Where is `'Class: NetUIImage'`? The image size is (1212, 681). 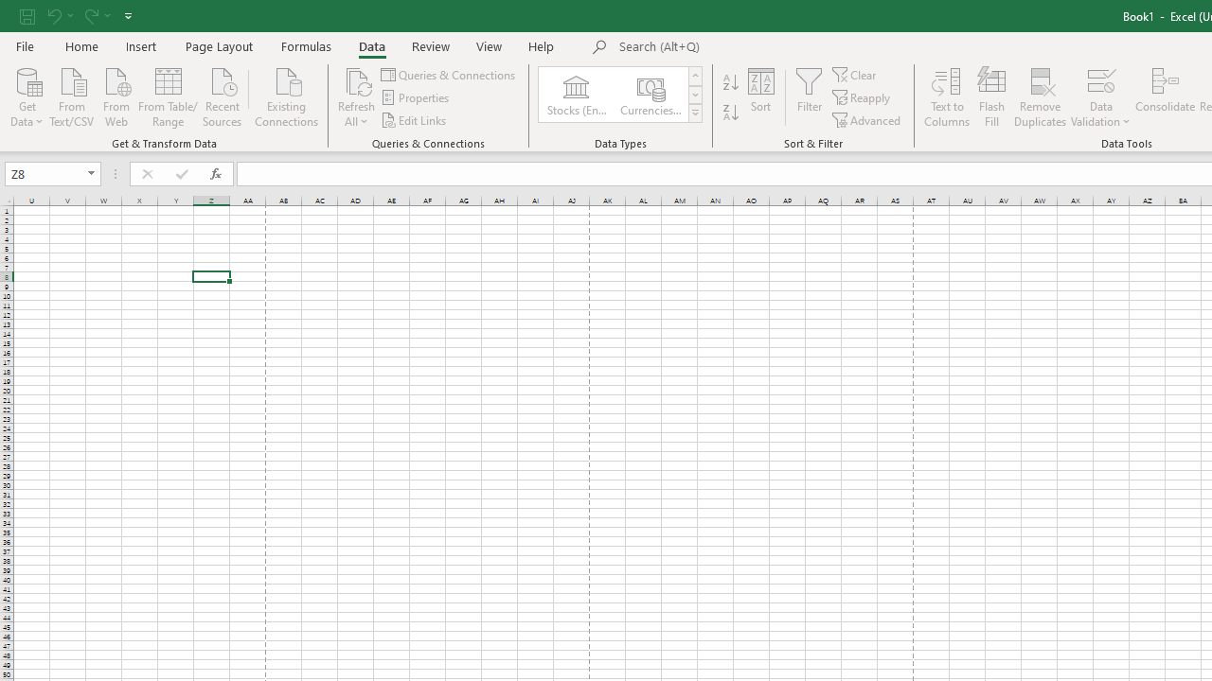
'Class: NetUIImage' is located at coordinates (694, 113).